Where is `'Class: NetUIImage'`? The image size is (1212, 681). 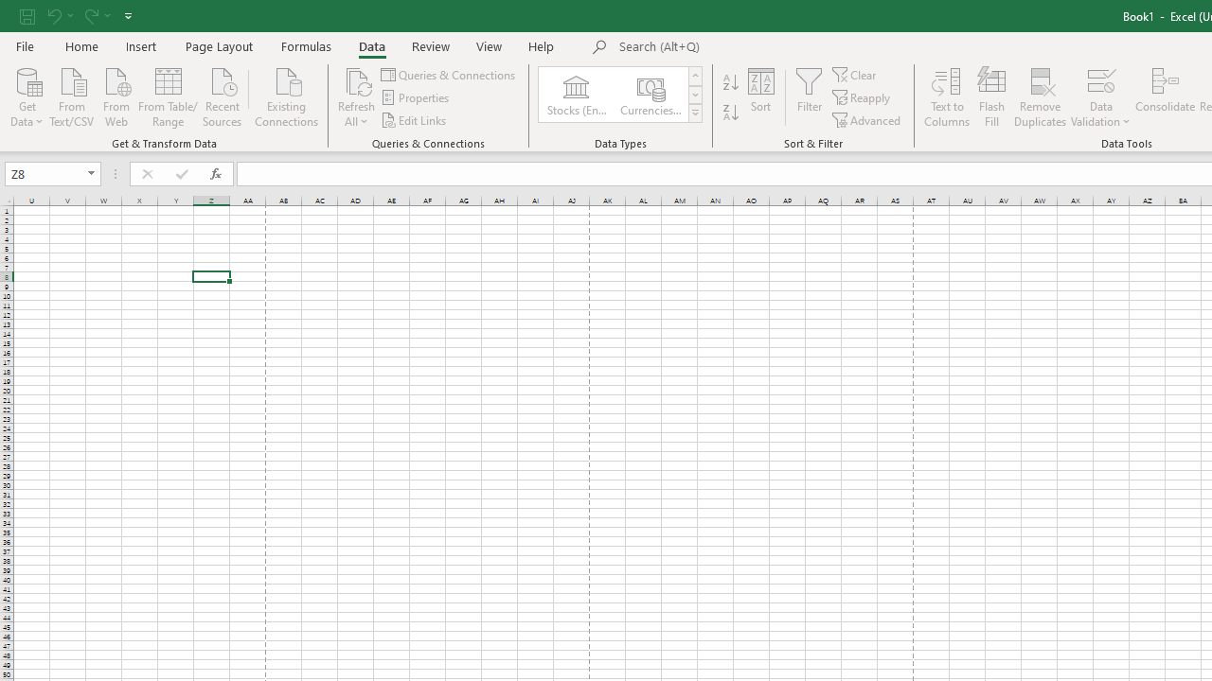
'Class: NetUIImage' is located at coordinates (694, 113).